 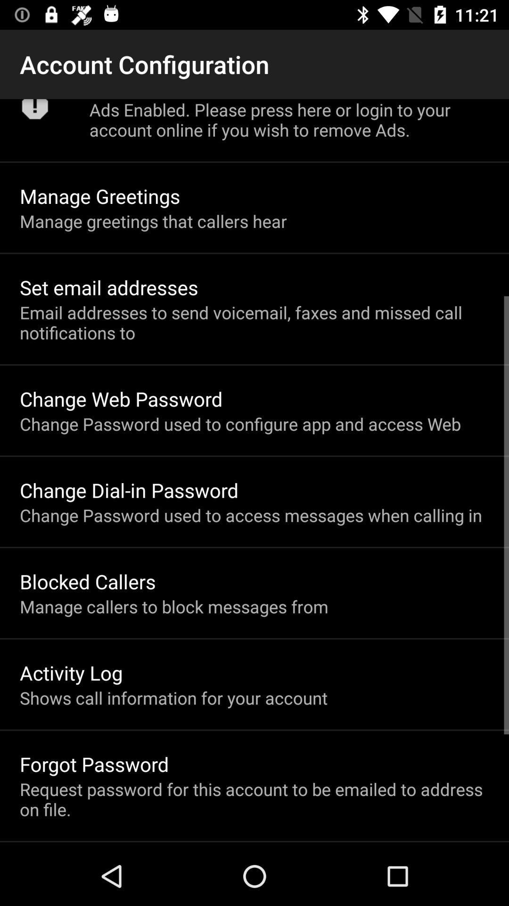 I want to click on the blocked callers item, so click(x=88, y=581).